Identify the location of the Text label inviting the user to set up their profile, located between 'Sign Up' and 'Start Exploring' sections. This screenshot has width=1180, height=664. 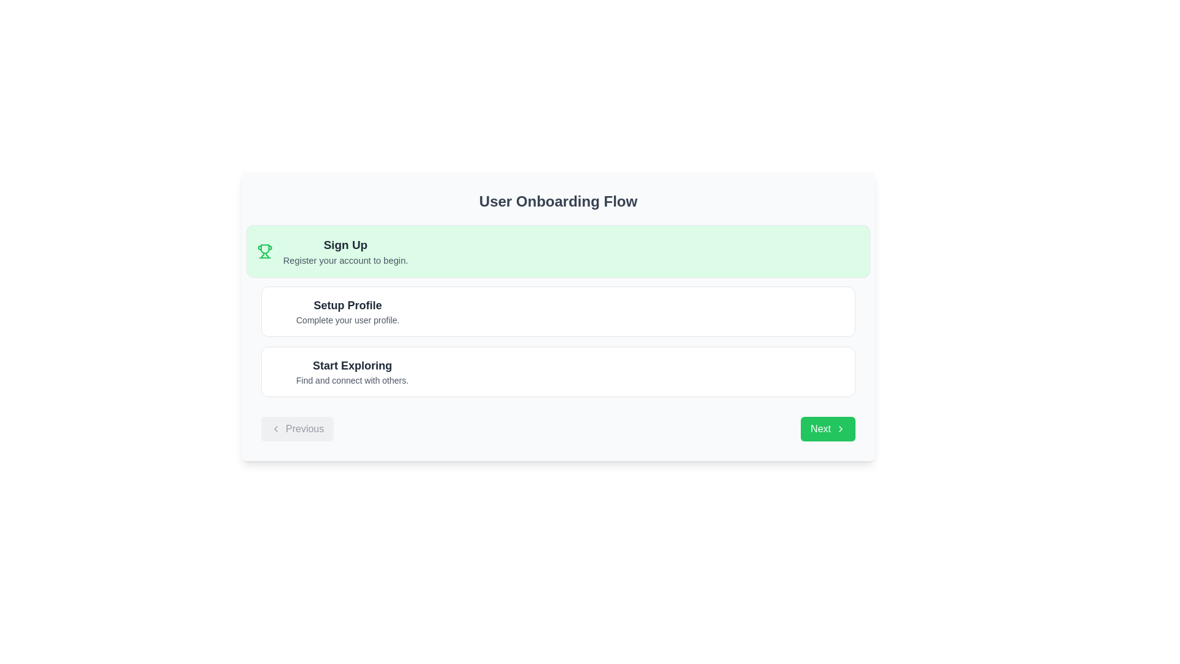
(347, 310).